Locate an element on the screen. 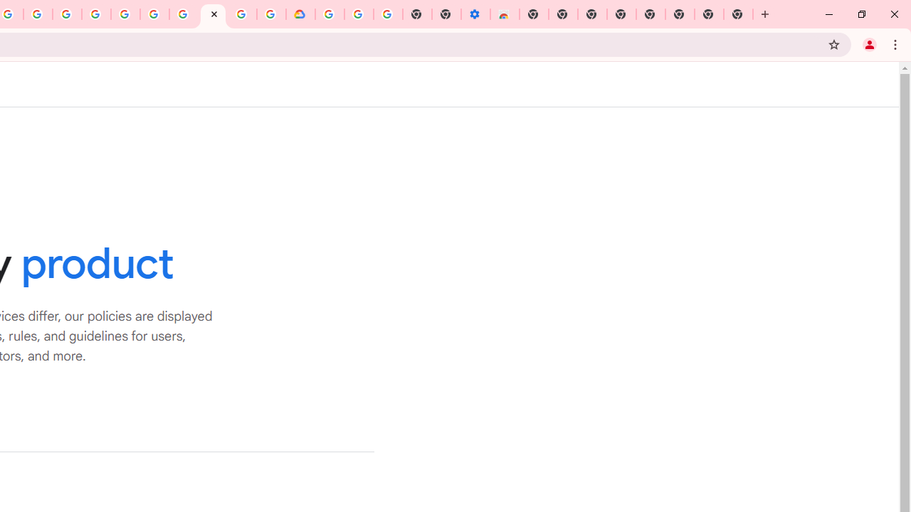 The width and height of the screenshot is (911, 512). 'Sign in - Google Accounts' is located at coordinates (329, 14).